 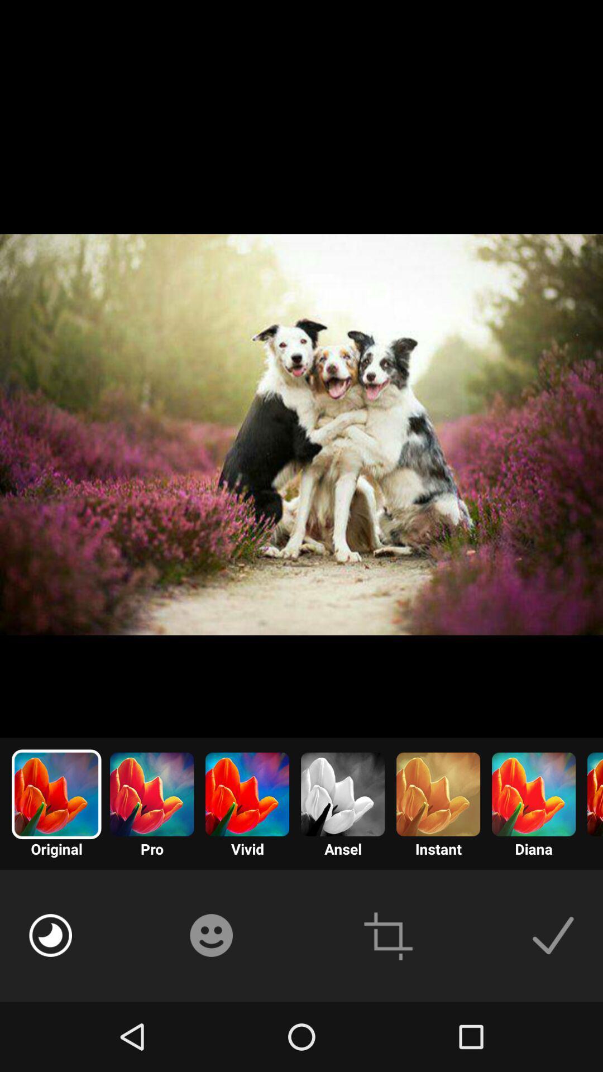 I want to click on change lighting, so click(x=50, y=935).